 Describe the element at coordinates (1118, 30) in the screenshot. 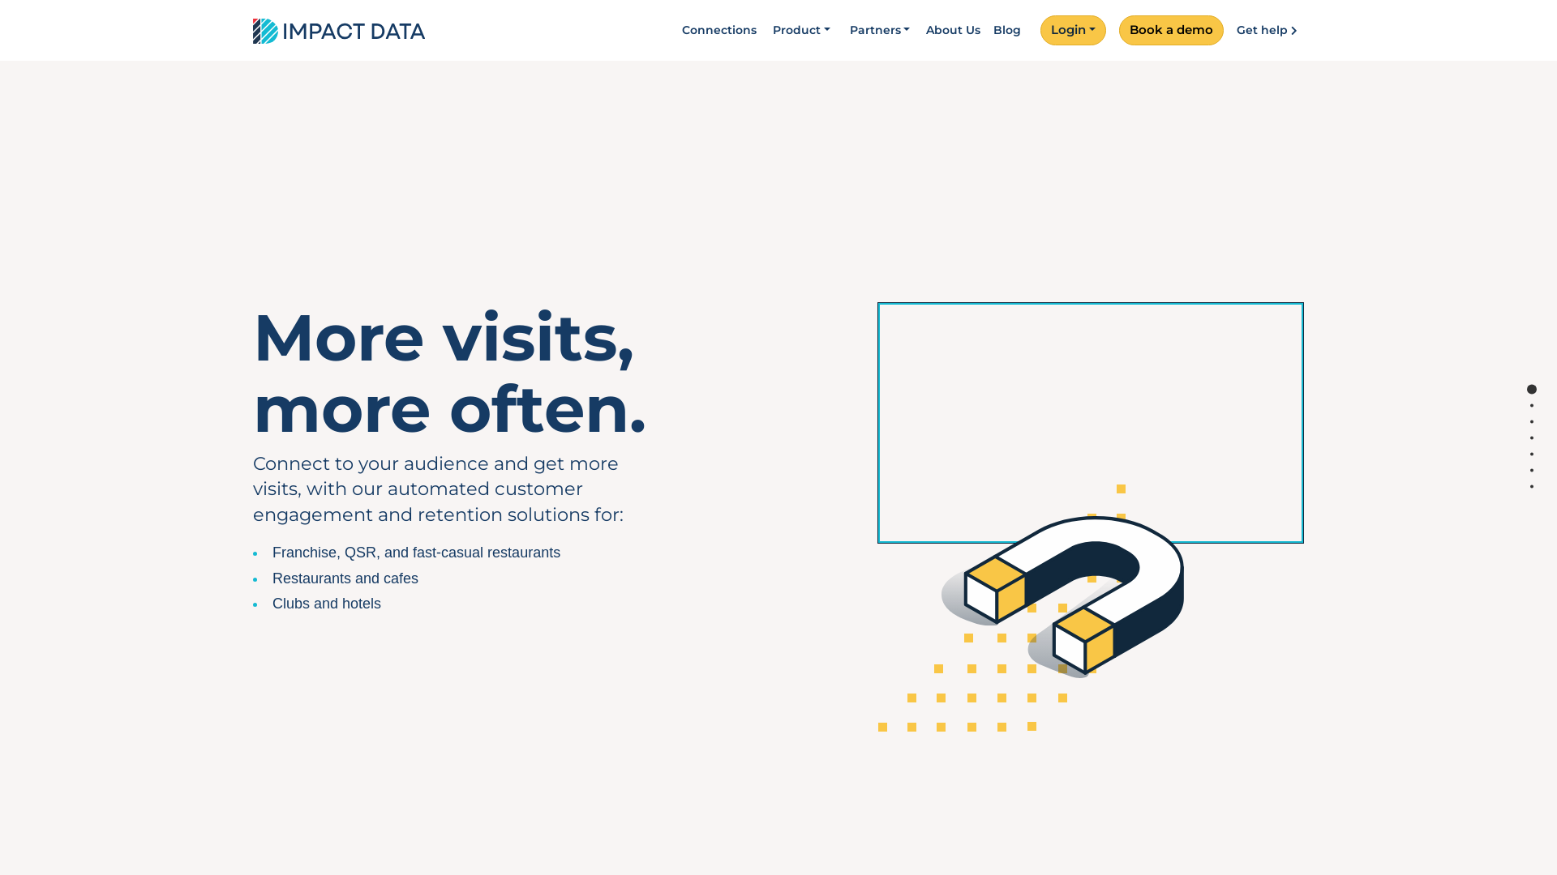

I see `'Book a demo'` at that location.